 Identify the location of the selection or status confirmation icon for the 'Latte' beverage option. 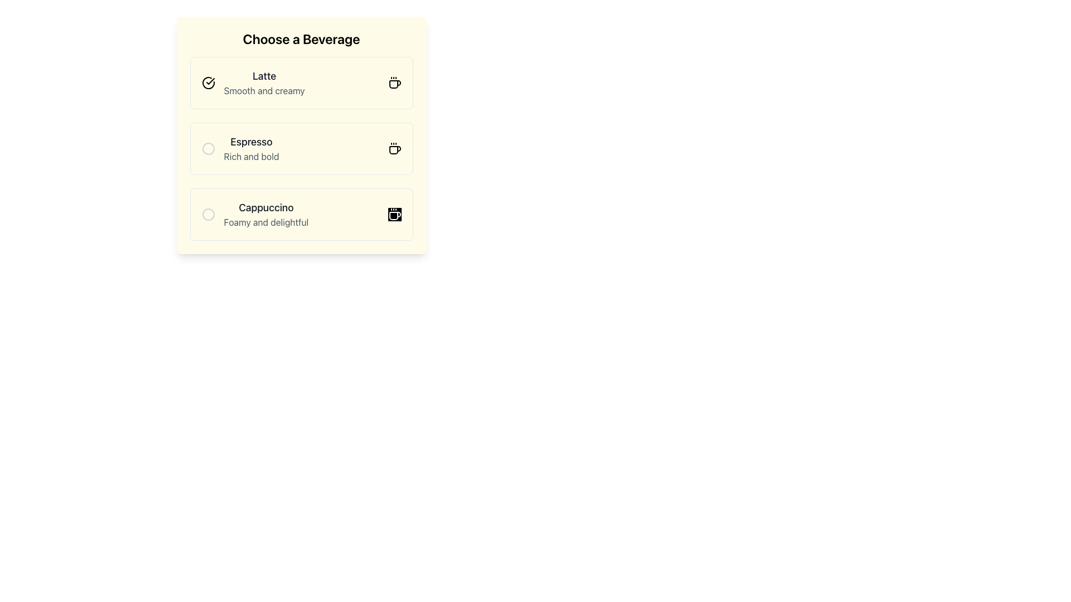
(208, 82).